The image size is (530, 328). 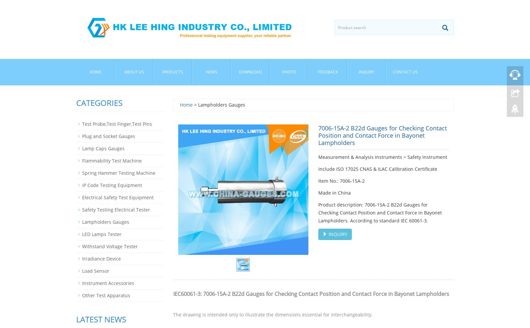 What do you see at coordinates (405, 71) in the screenshot?
I see `'Contact Us'` at bounding box center [405, 71].